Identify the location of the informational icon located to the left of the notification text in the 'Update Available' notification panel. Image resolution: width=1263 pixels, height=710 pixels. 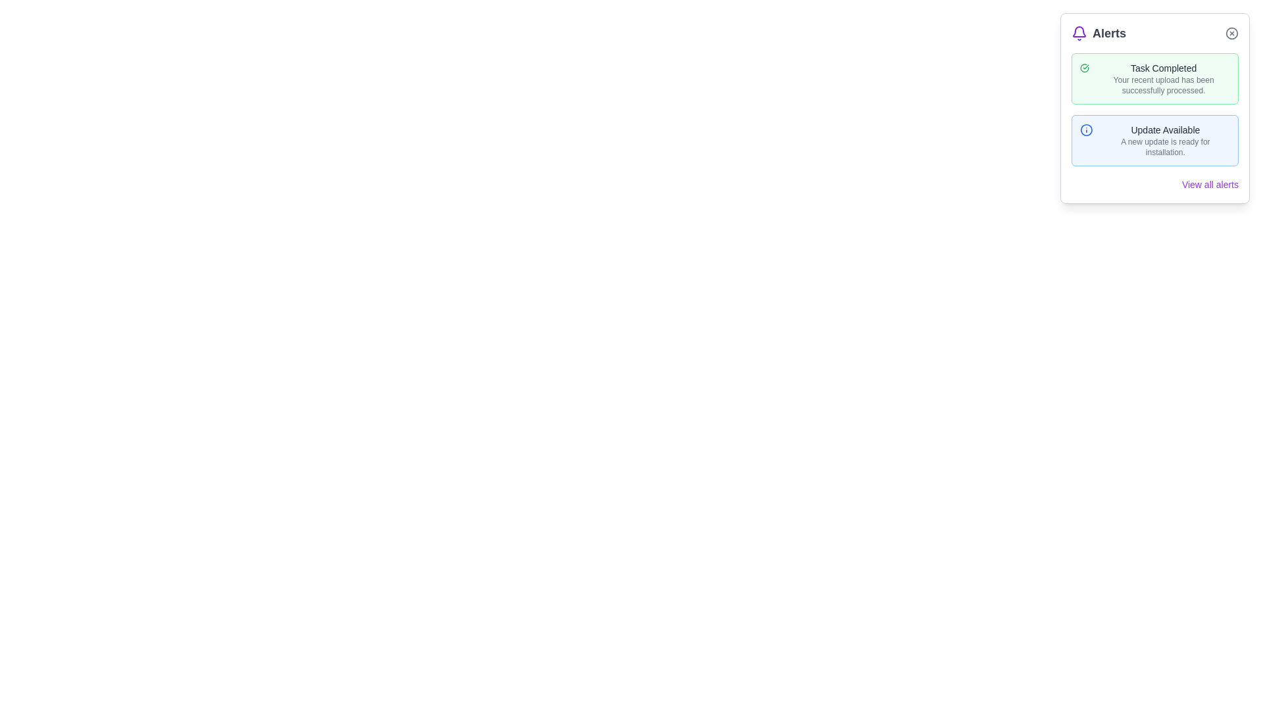
(1086, 130).